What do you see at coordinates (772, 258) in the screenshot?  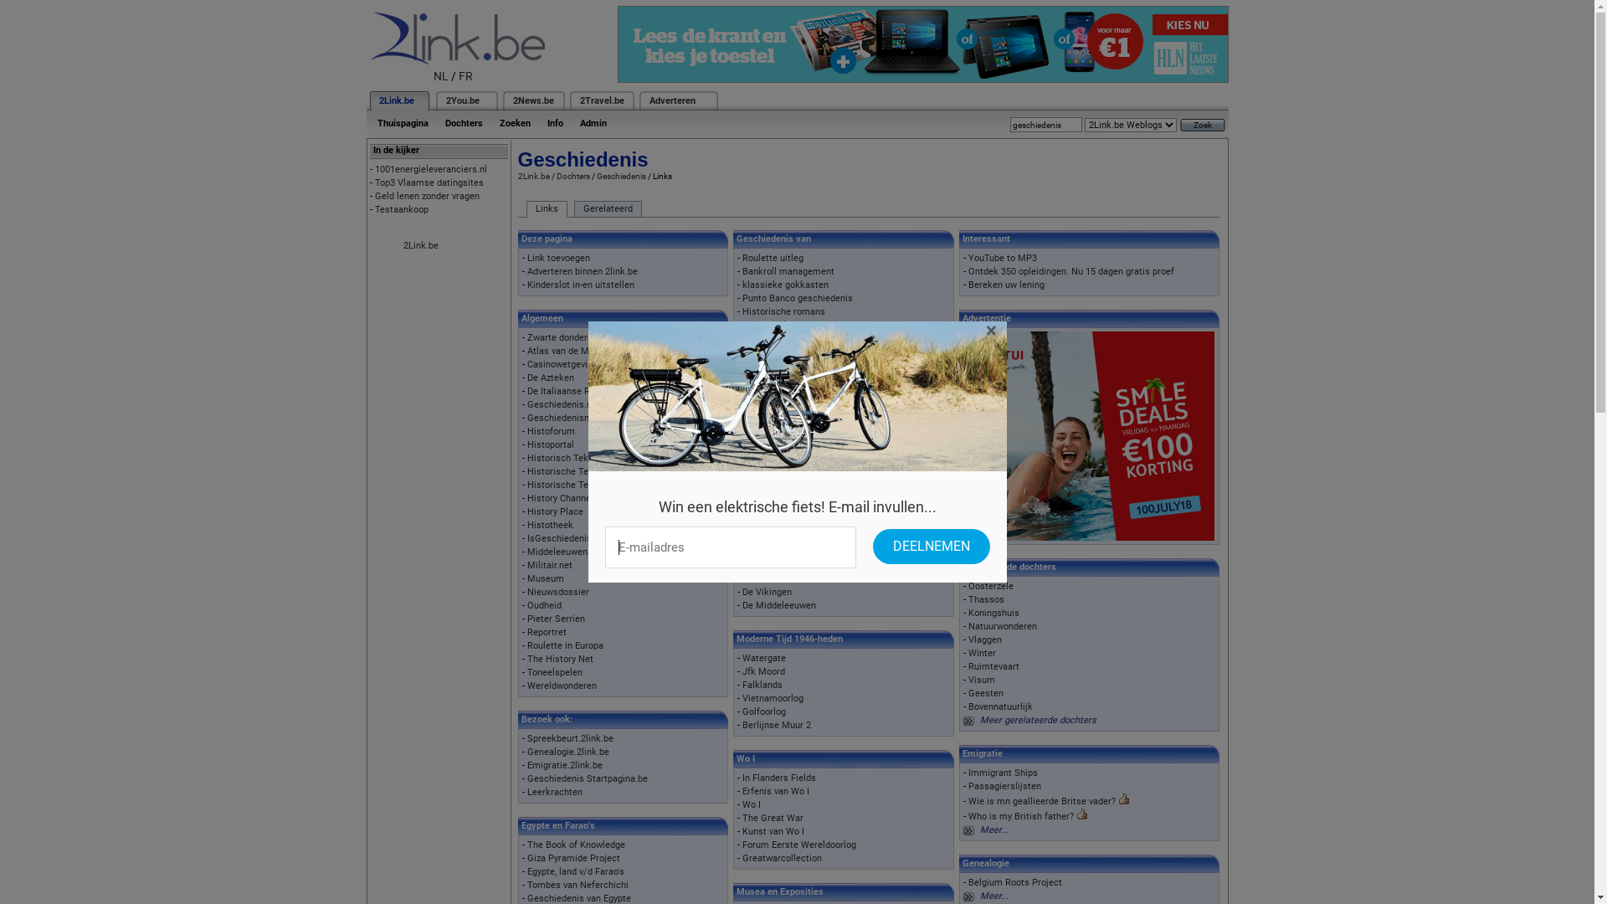 I see `'Roulette uitleg'` at bounding box center [772, 258].